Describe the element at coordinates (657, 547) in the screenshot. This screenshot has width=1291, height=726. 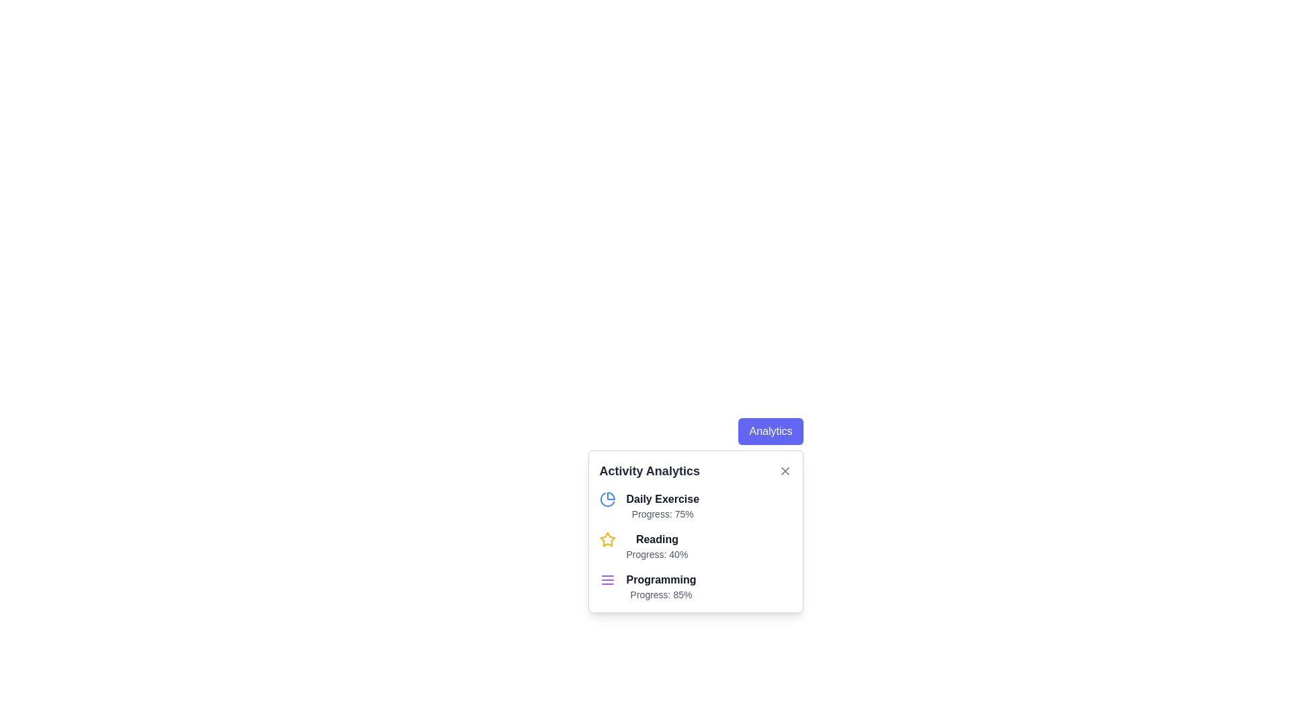
I see `the text display element that shows 'Reading' and 'Progress: 40%' within the 'Activity Analytics' card, positioned between 'Daily Exercise' and 'Programming'` at that location.